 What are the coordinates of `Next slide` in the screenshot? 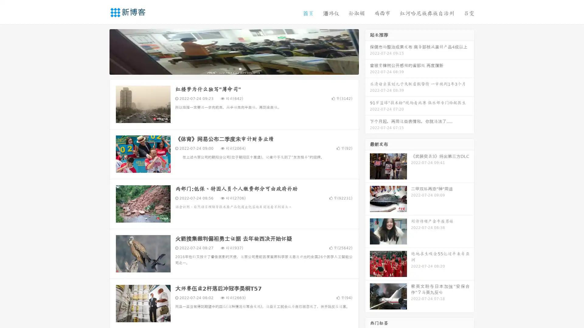 It's located at (367, 51).